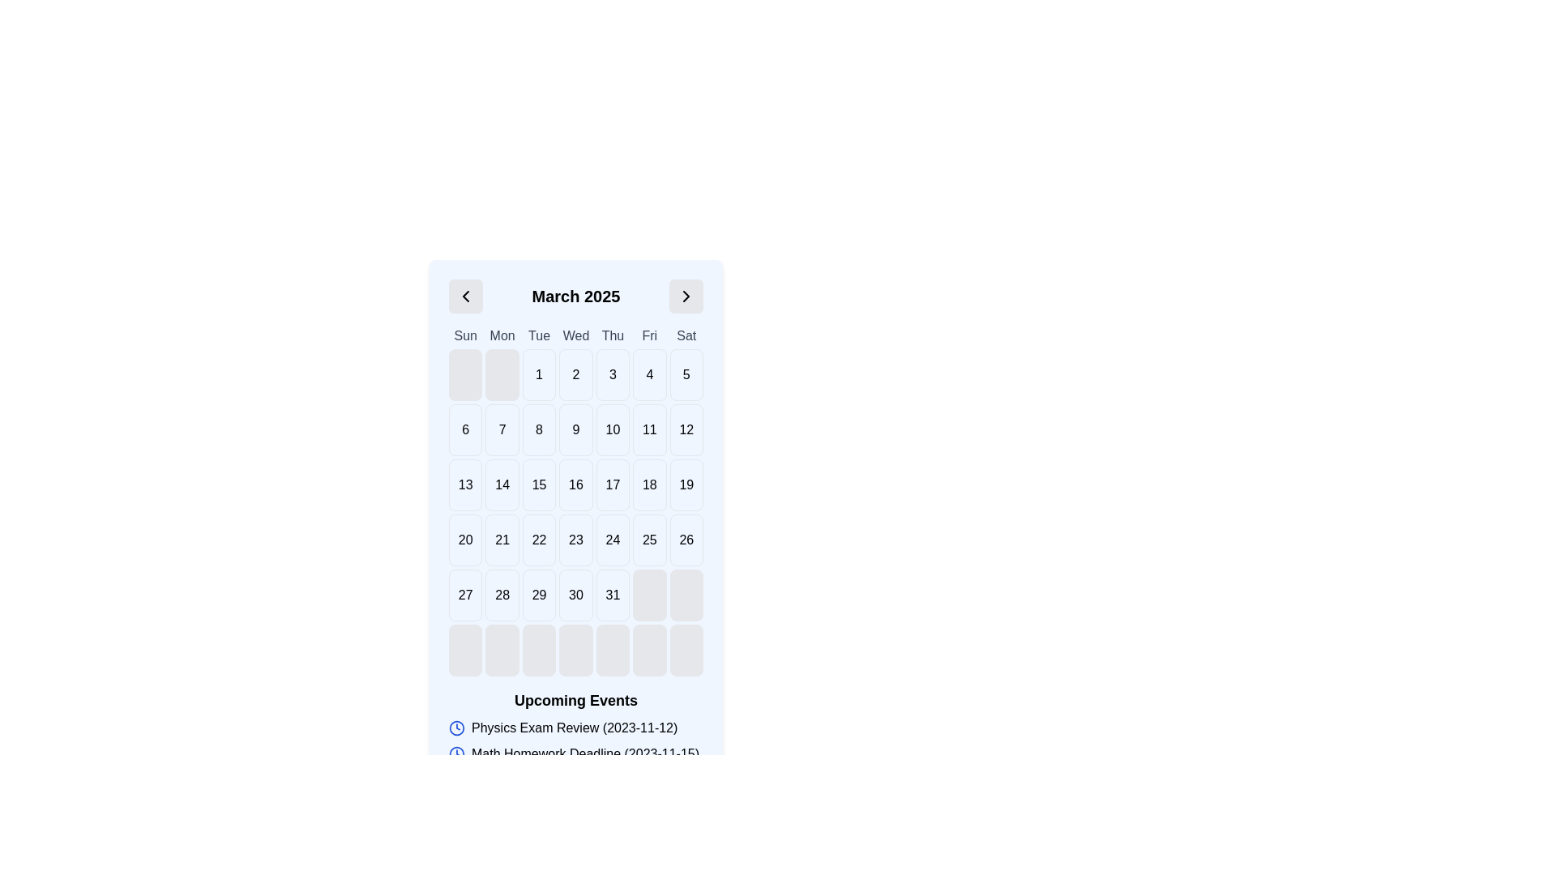 The width and height of the screenshot is (1556, 875). What do you see at coordinates (575, 540) in the screenshot?
I see `the Date selector displaying the number '23' in the calendar grid` at bounding box center [575, 540].